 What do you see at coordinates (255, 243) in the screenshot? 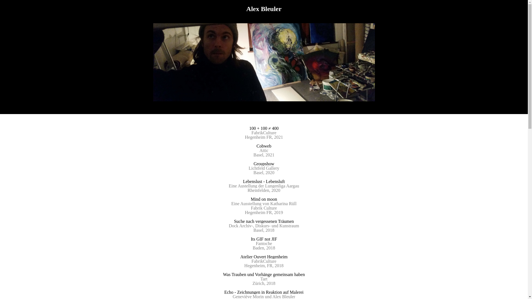
I see `'Fantoche'` at bounding box center [255, 243].